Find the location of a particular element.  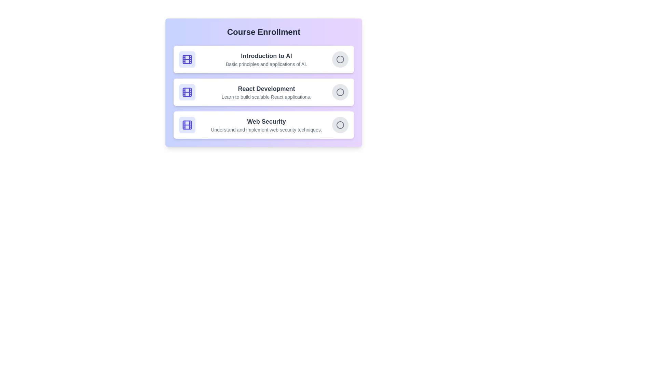

the course title and description for Web Security is located at coordinates (266, 121).